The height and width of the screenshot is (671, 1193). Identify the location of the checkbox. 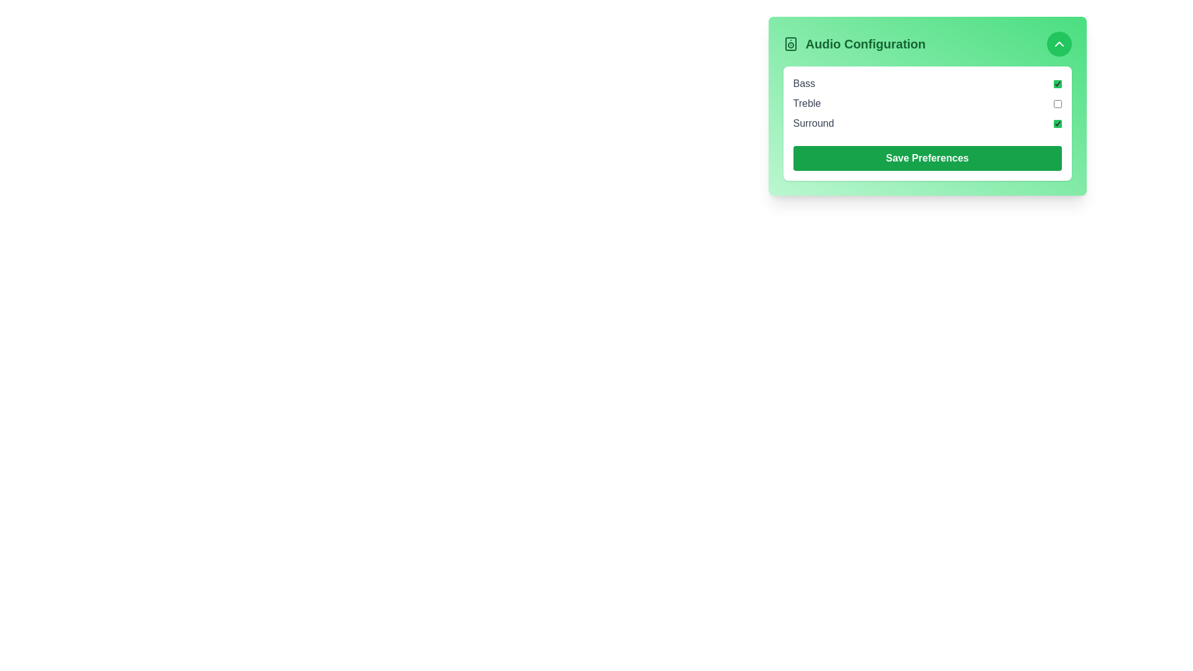
(927, 124).